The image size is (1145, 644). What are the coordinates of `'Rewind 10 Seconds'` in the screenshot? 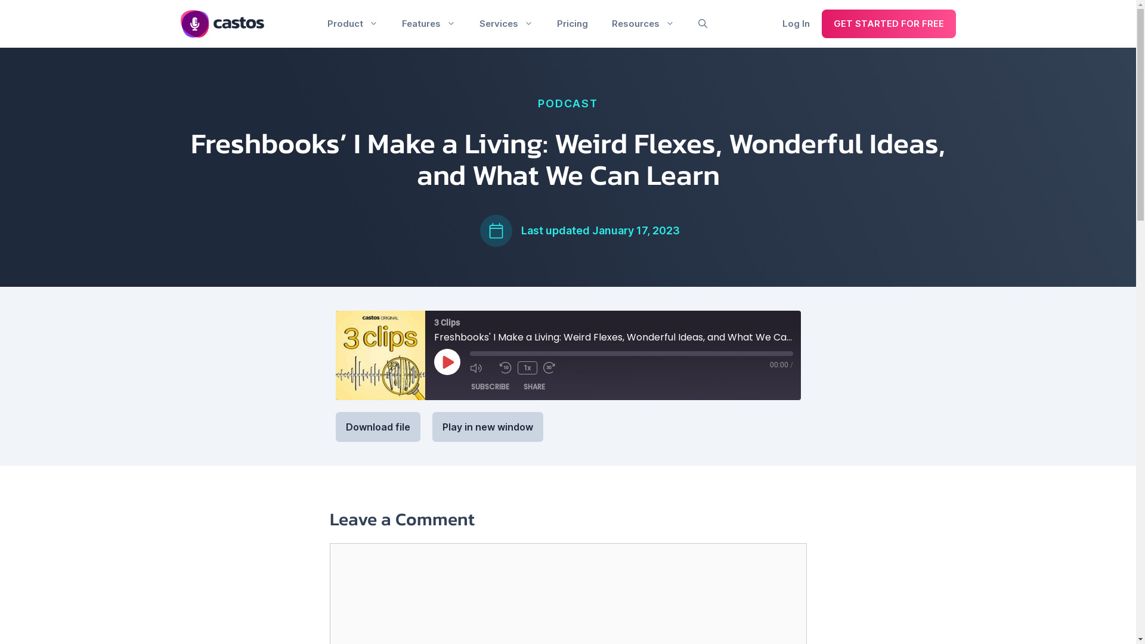 It's located at (506, 367).